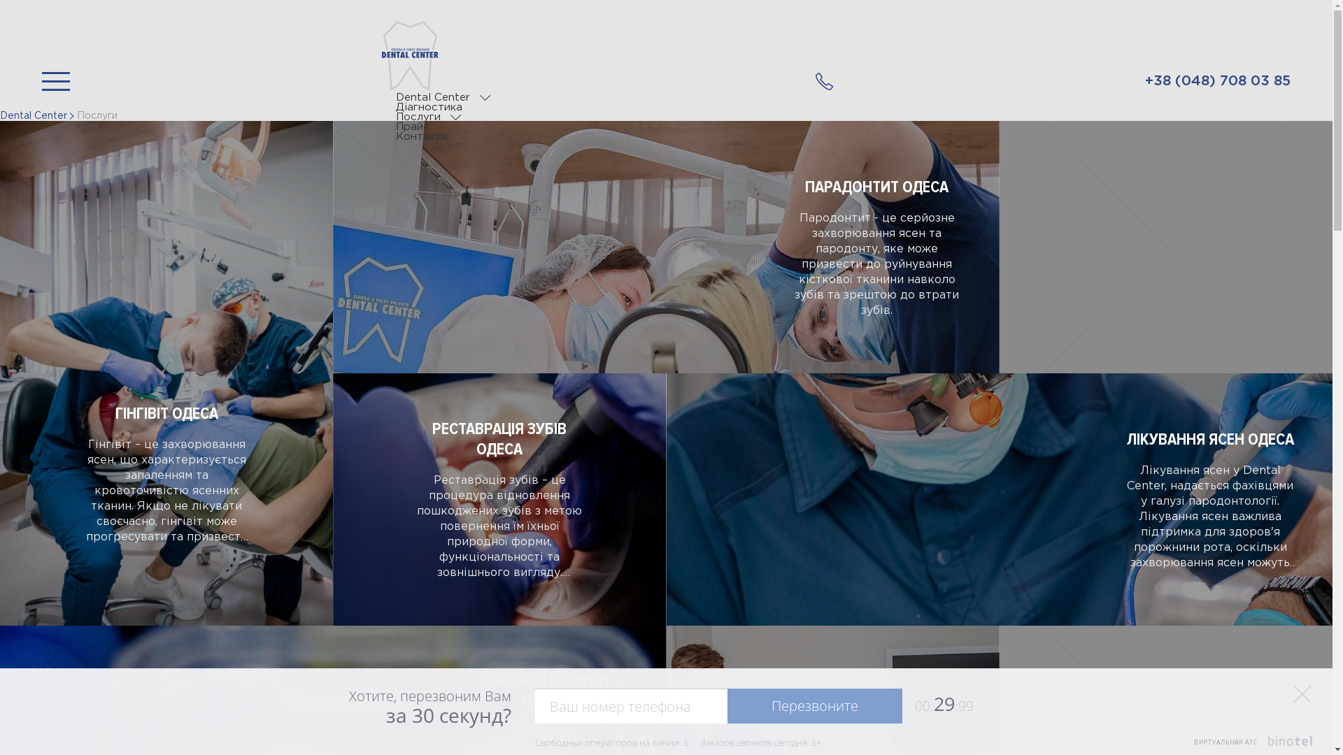 The width and height of the screenshot is (1343, 755). Describe the element at coordinates (34, 115) in the screenshot. I see `'Dental Center'` at that location.